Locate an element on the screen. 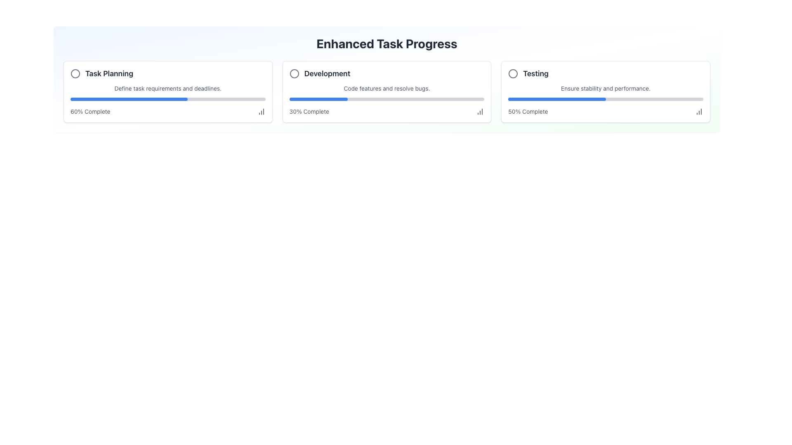 The height and width of the screenshot is (445, 792). the informational label displaying '50% Complete' with a graphical icon of ascending bars located in the bottom right corner of the 'Testing' card is located at coordinates (606, 111).